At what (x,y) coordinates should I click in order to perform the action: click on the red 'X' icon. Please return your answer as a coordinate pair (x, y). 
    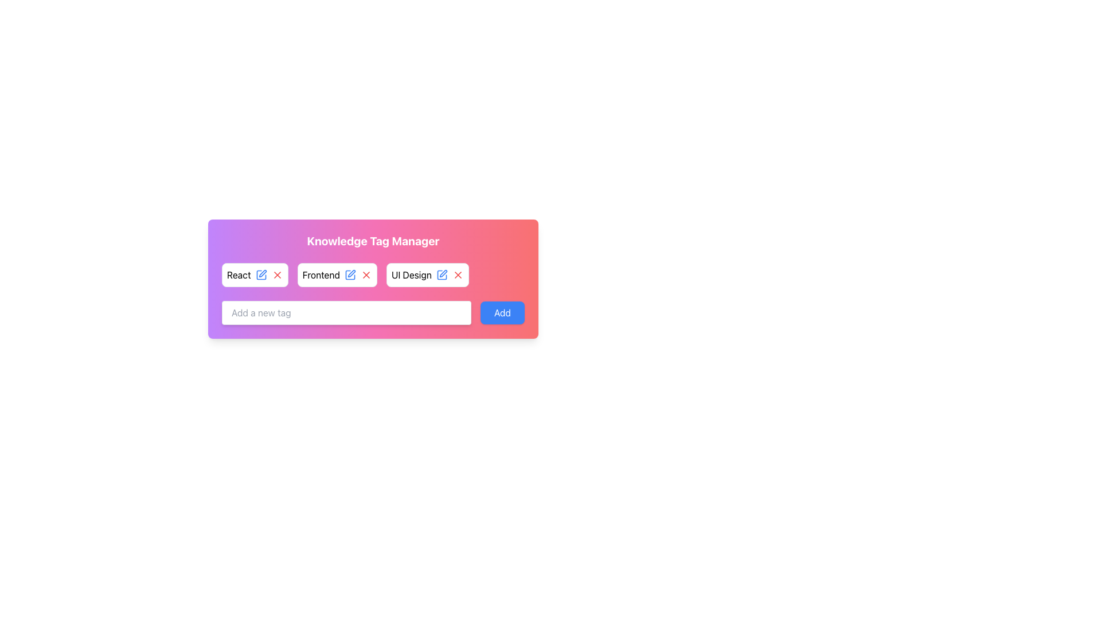
    Looking at the image, I should click on (365, 275).